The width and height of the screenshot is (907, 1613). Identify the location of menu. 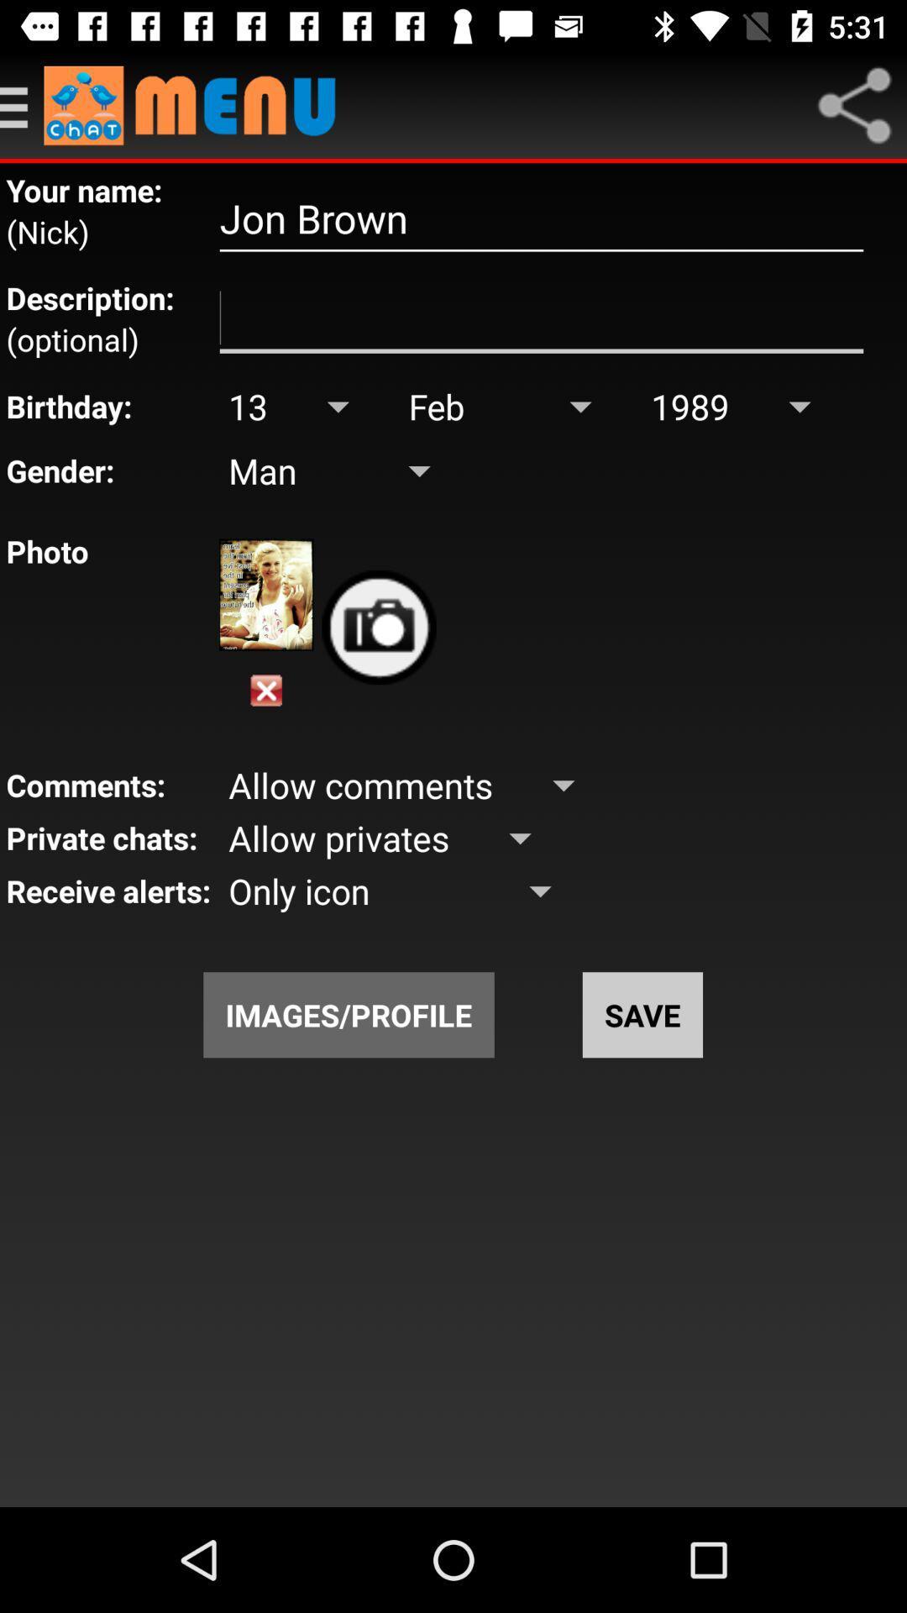
(22, 104).